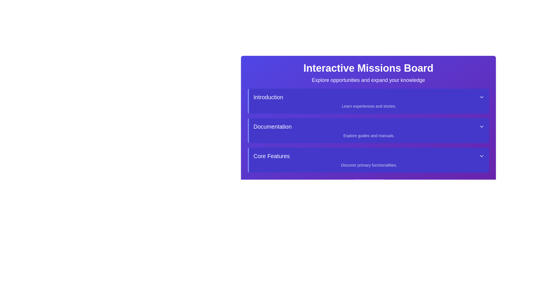  Describe the element at coordinates (369, 165) in the screenshot. I see `the text element displaying 'Discover primary functionalities.' that is located below 'Core Features'` at that location.